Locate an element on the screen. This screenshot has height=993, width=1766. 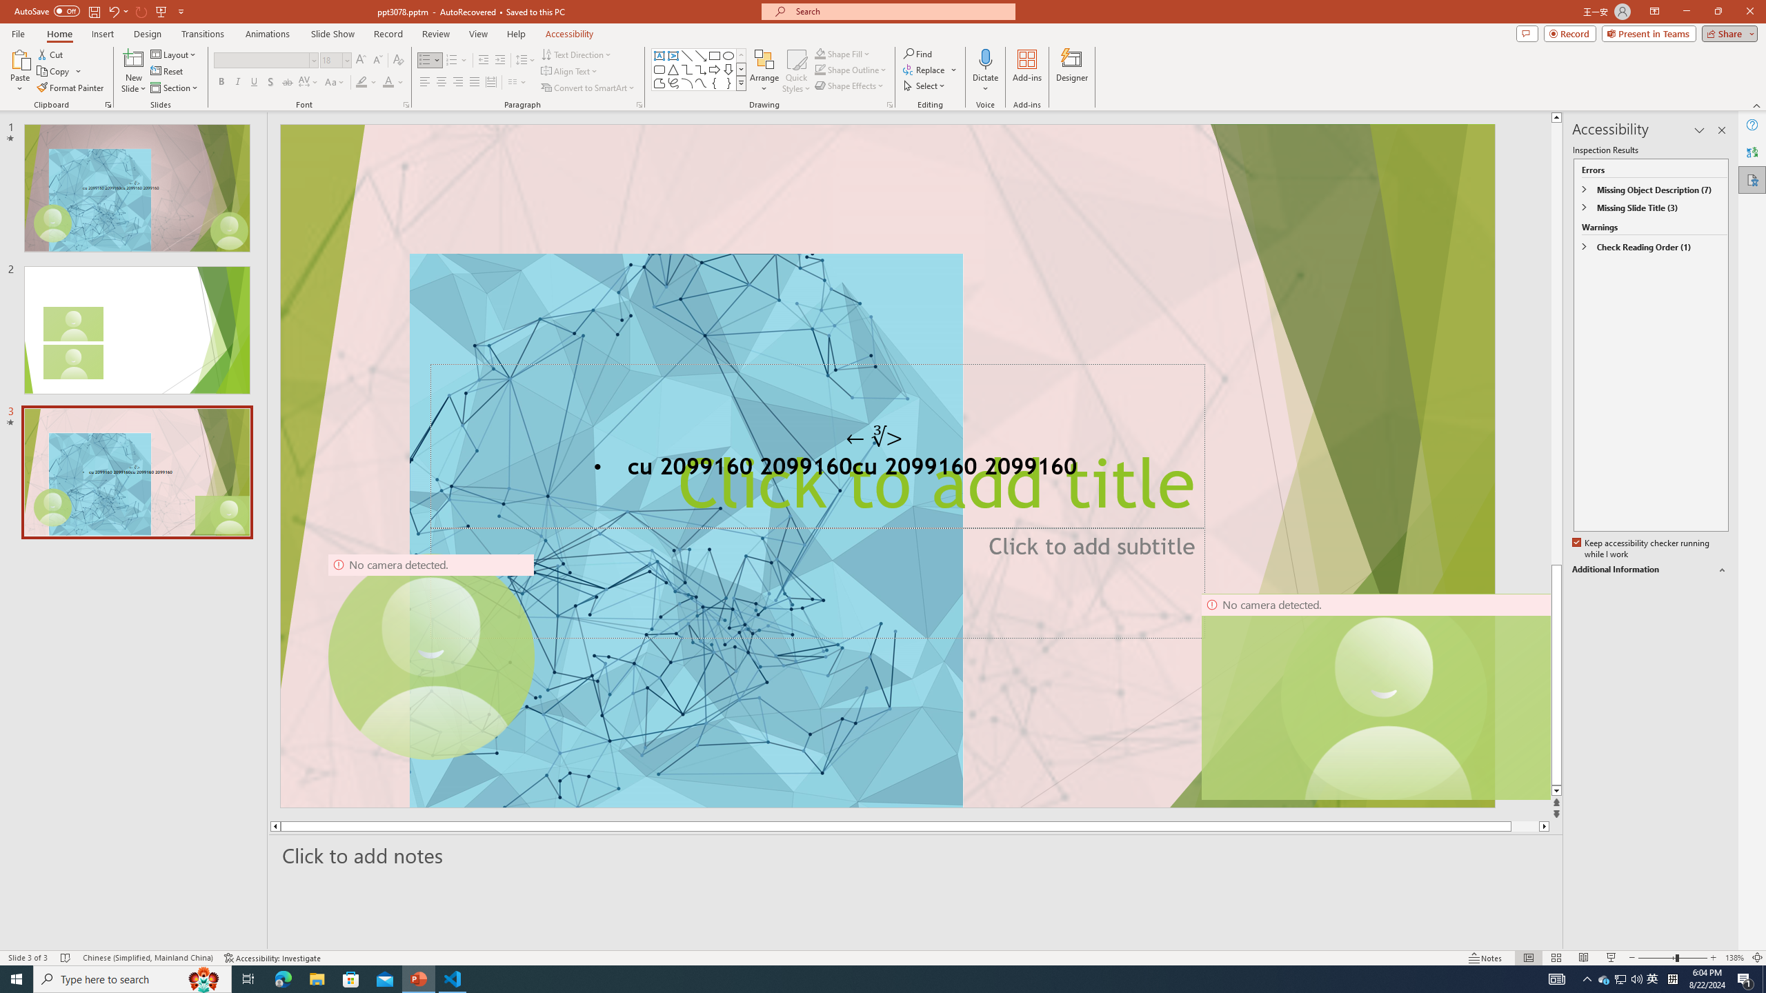
'Camera 11, No camera detected.' is located at coordinates (1384, 696).